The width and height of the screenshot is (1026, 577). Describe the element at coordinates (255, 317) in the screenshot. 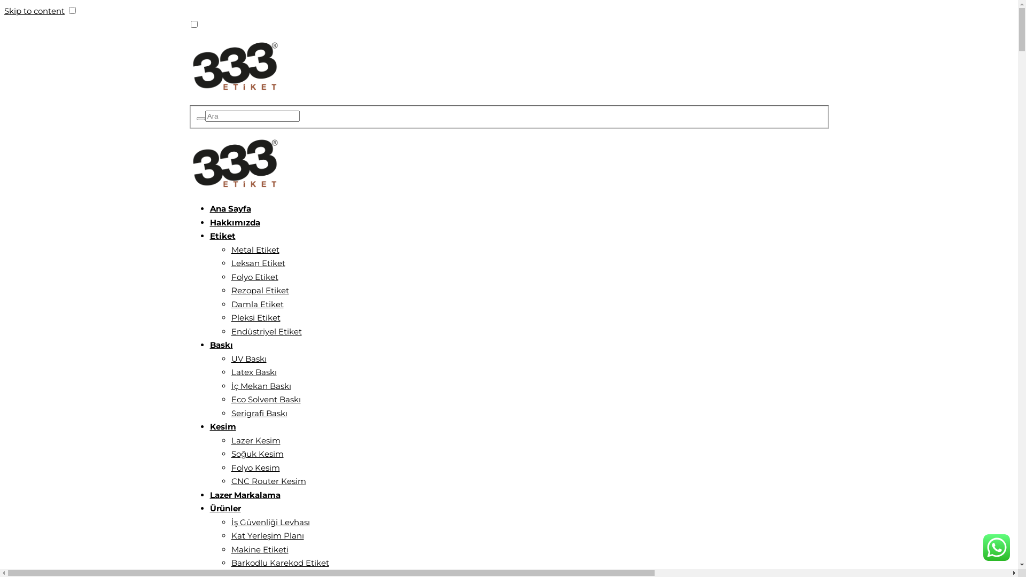

I see `'Pleksi Etiket'` at that location.